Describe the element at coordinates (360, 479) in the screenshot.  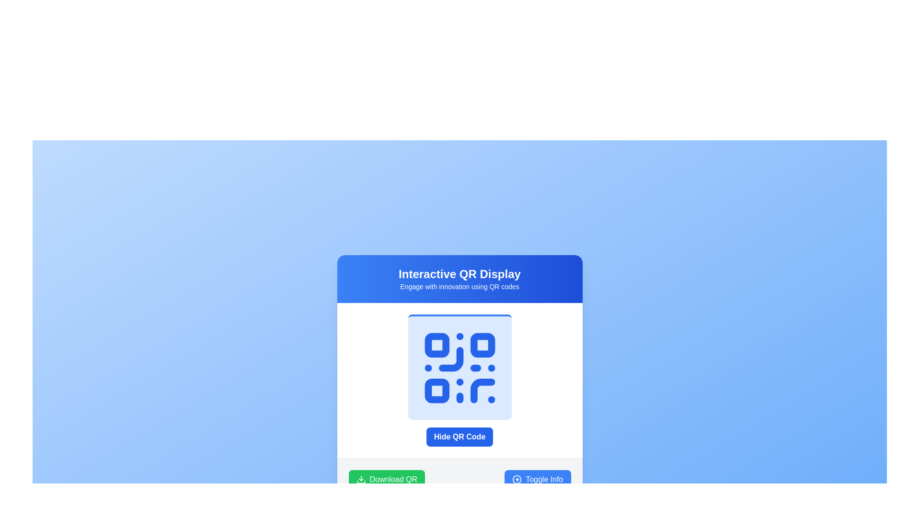
I see `the download icon represented by an arrow pointing downward into a flat line, which is located within the green button labeled 'Download QR' at the bottom section of the interface` at that location.